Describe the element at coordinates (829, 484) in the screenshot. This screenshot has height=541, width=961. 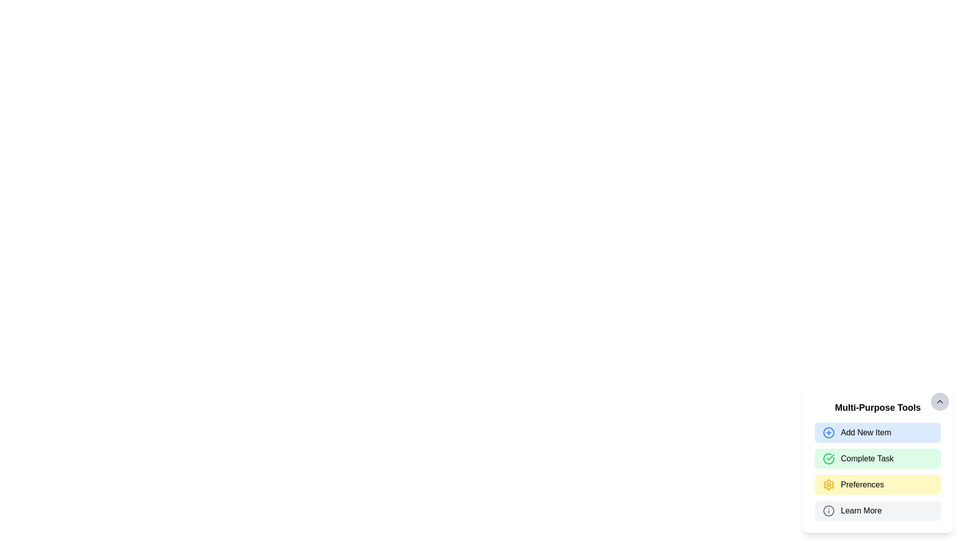
I see `settings gear icon located at the bottom-right area of the interface under the 'Preferences' section of the 'Multi-Purpose Tools' panel` at that location.